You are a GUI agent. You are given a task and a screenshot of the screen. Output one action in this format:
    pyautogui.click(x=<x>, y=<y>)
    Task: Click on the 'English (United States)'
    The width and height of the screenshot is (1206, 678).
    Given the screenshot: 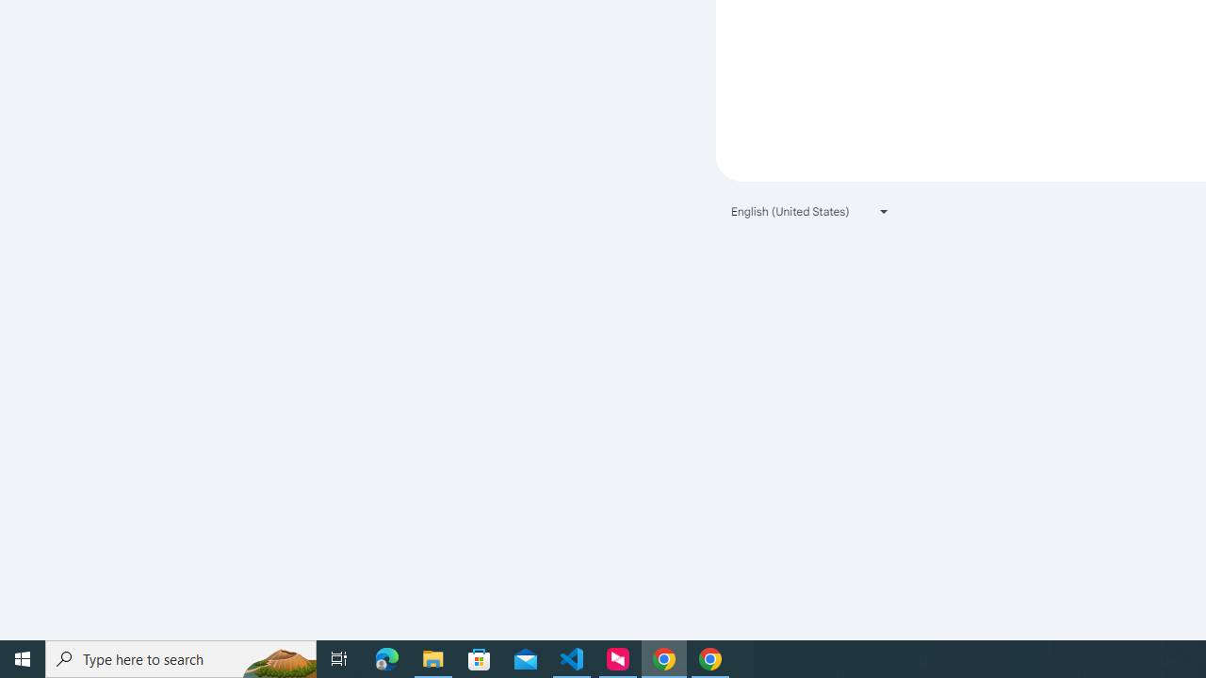 What is the action you would take?
    pyautogui.click(x=810, y=211)
    